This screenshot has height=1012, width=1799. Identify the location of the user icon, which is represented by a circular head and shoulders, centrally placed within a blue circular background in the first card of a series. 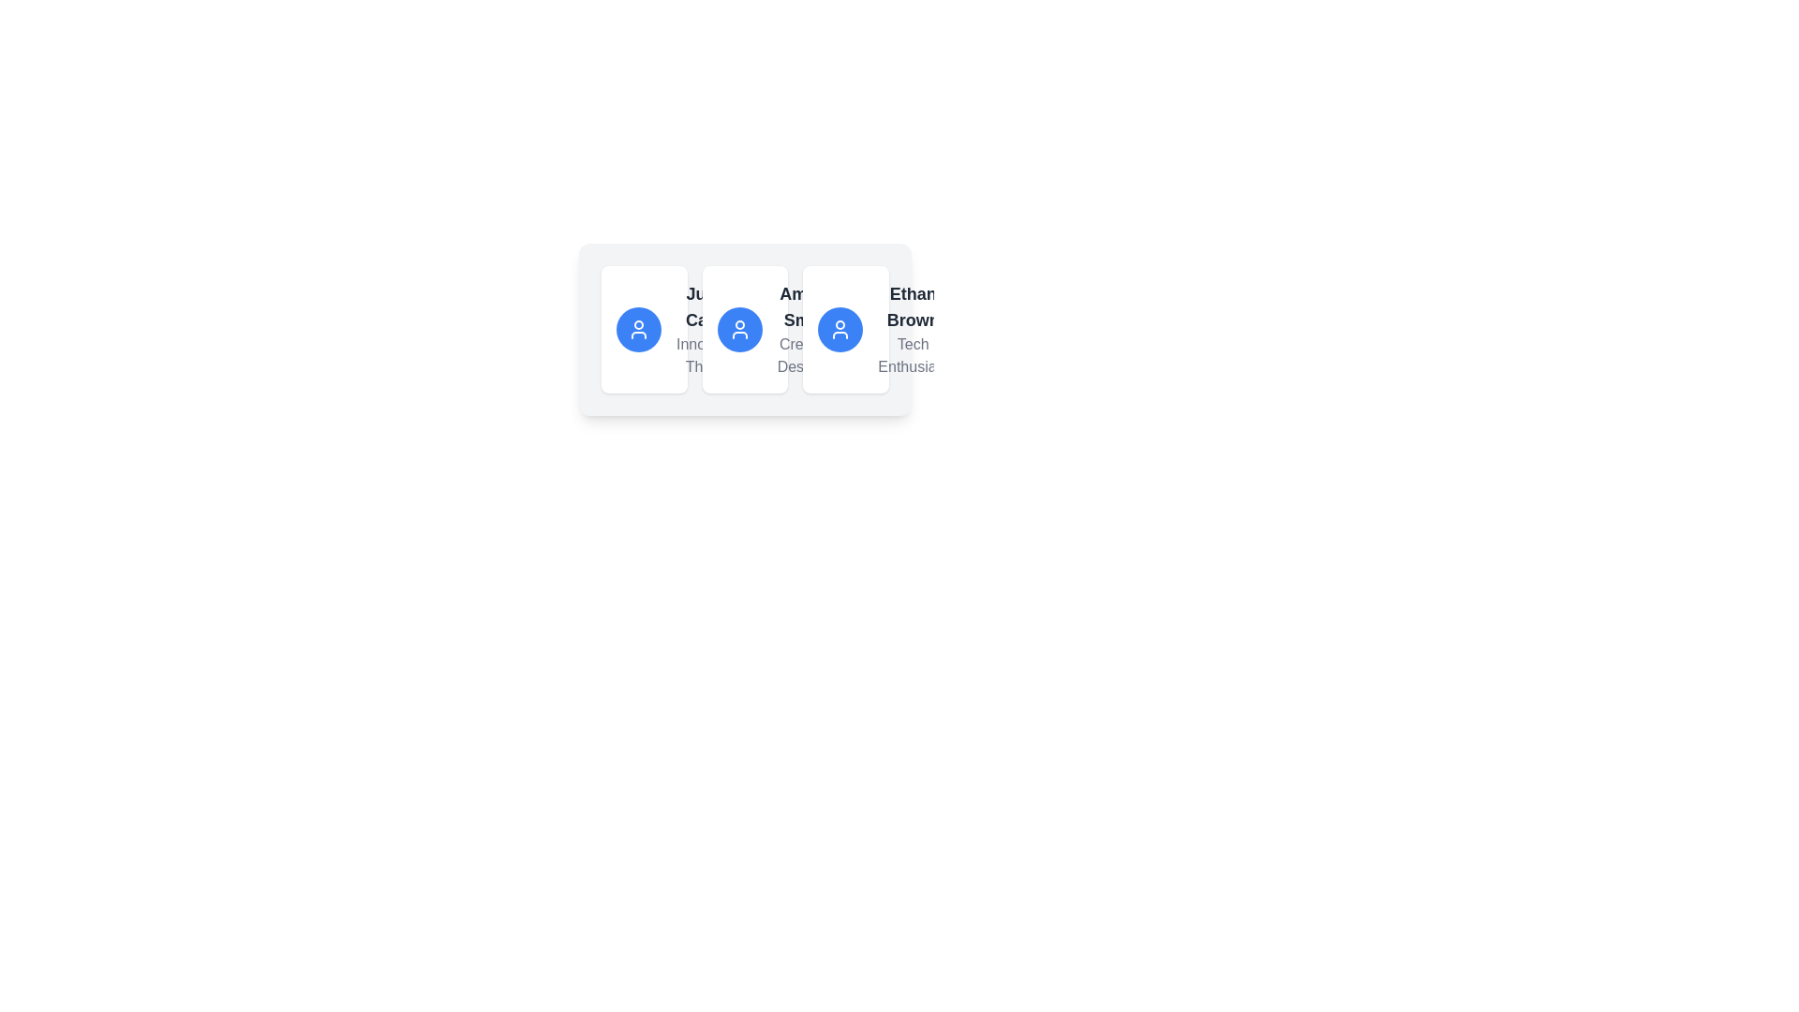
(638, 328).